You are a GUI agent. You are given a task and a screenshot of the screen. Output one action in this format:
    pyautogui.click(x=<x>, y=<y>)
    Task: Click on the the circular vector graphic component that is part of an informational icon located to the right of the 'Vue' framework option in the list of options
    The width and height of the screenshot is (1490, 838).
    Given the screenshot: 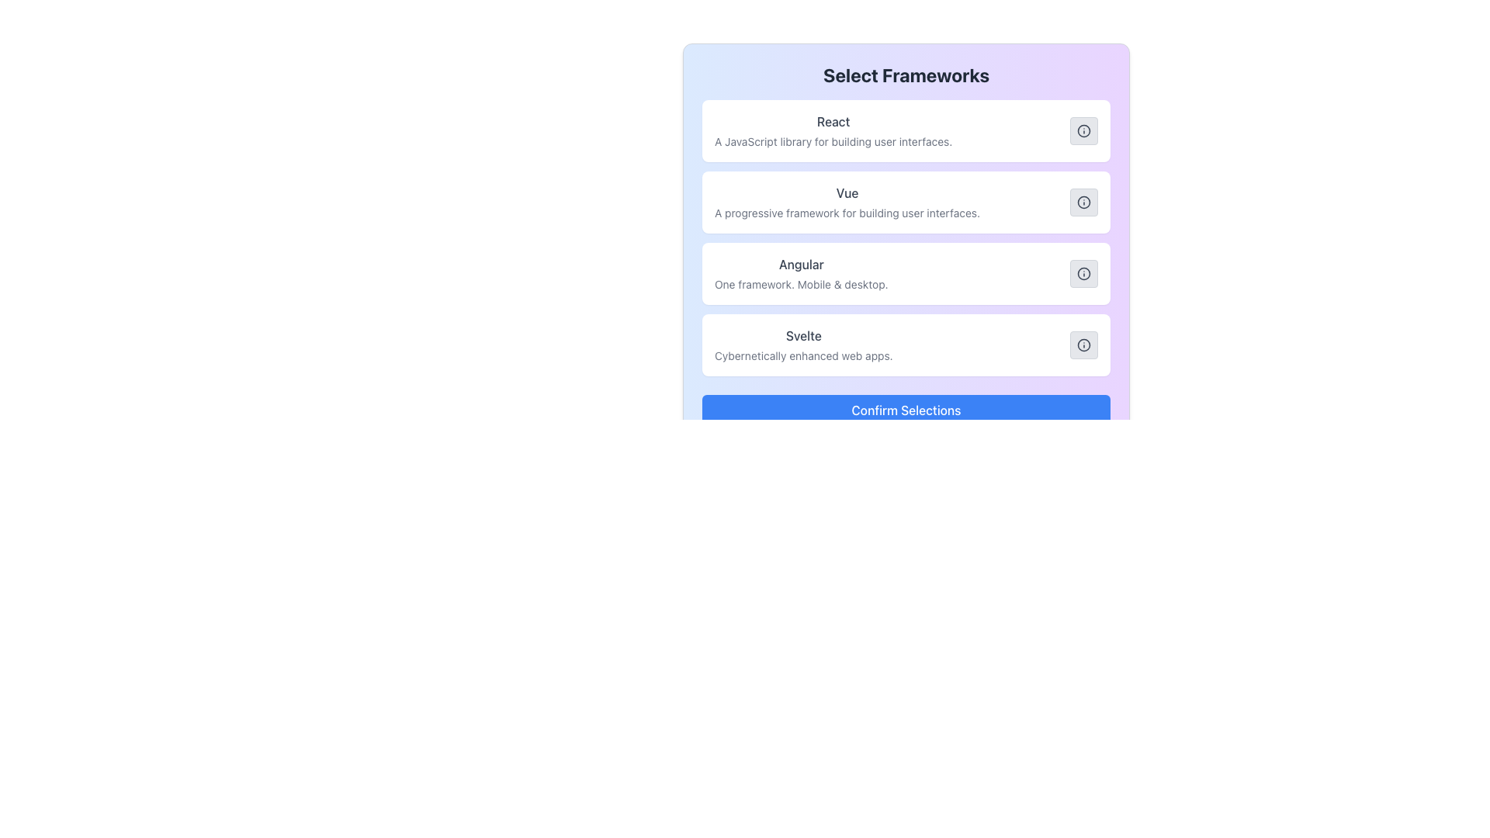 What is the action you would take?
    pyautogui.click(x=1083, y=202)
    